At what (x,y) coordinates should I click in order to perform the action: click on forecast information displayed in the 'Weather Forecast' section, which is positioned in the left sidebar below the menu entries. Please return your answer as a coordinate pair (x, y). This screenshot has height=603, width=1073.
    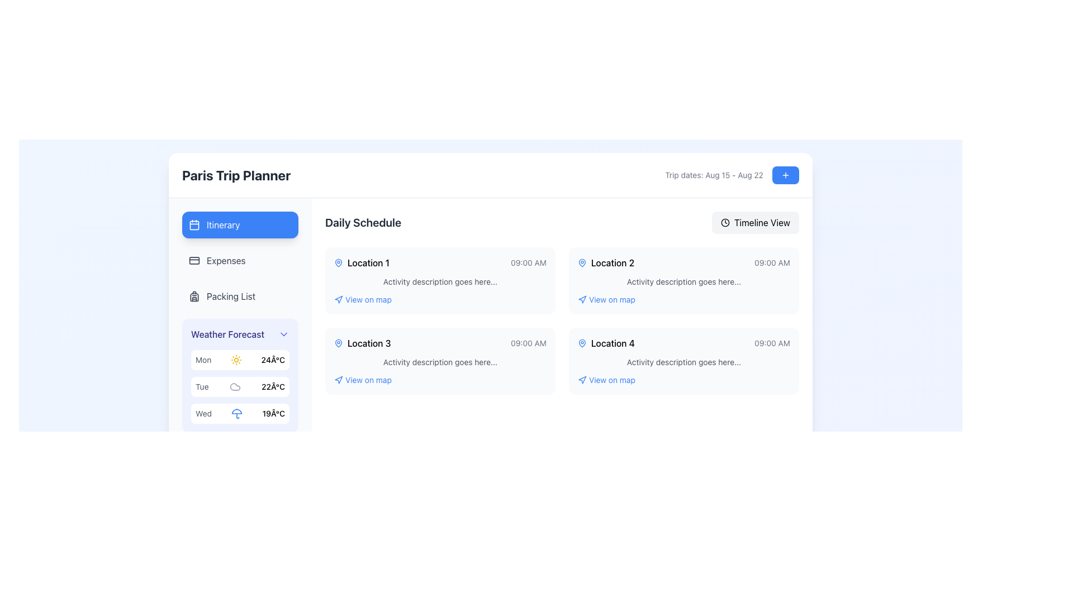
    Looking at the image, I should click on (240, 375).